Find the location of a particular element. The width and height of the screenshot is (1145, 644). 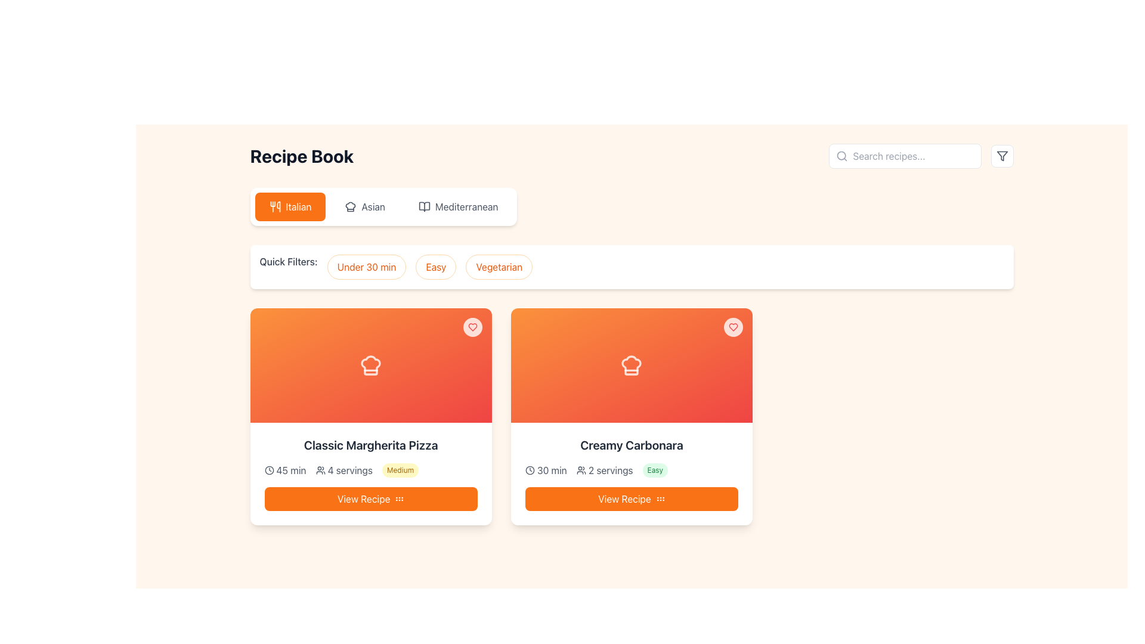

the information of the circular icon located in the left recipe card, near the bottom left corner, preceding the text '45 min' is located at coordinates (268, 470).